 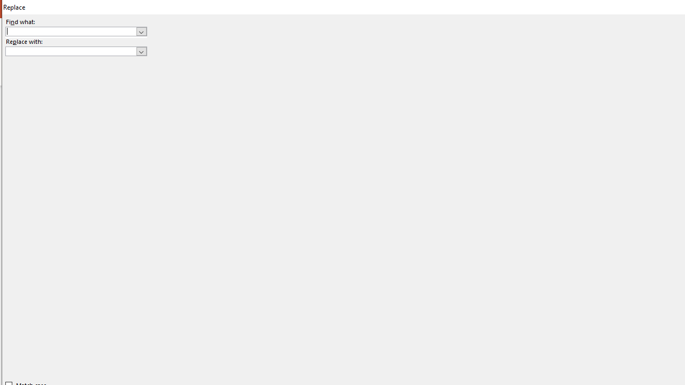 I want to click on 'Replace with', so click(x=75, y=51).